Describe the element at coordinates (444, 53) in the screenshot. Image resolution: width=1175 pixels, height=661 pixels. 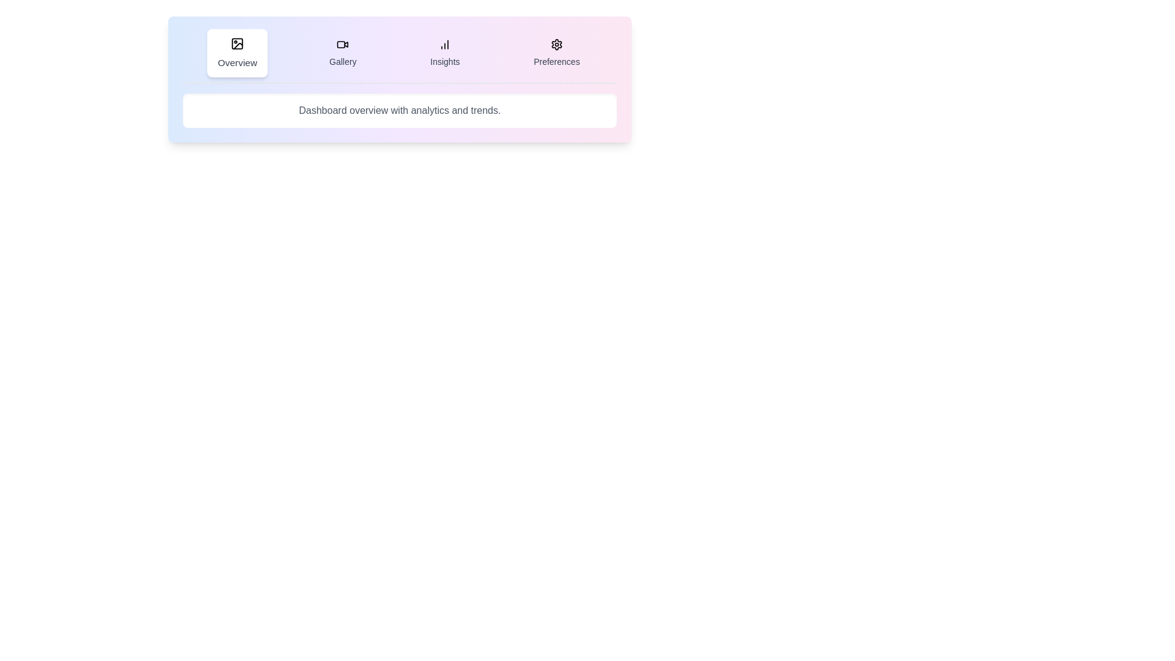
I see `the tab labeled 'Insights' to observe its hover effect` at that location.